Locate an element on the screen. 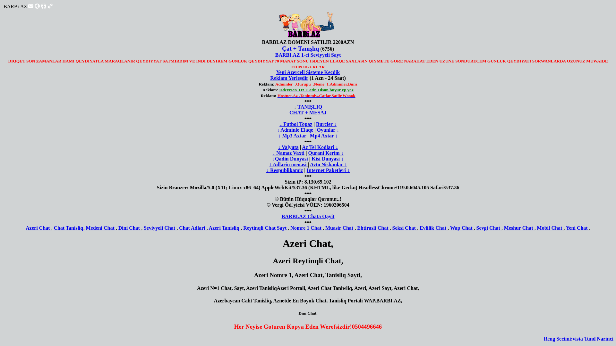 The width and height of the screenshot is (616, 346). 'Hostnet.Az .Taninmiw.Catlar.Satlir.Woook' is located at coordinates (277, 95).